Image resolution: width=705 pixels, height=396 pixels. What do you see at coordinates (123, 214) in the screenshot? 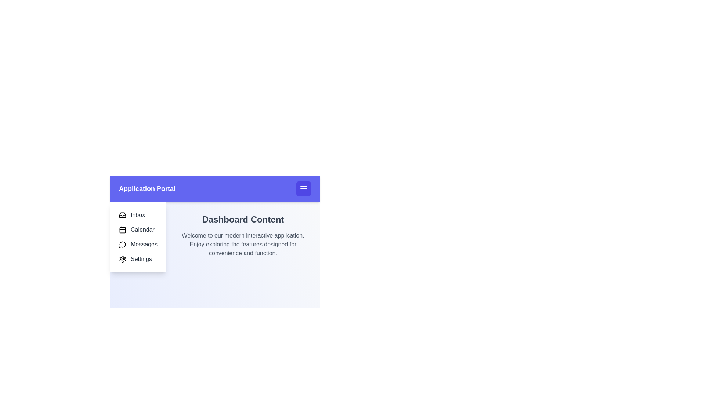
I see `the icon representing the inbox functionality located in the sidebar, next to the 'Inbox' text label` at bounding box center [123, 214].